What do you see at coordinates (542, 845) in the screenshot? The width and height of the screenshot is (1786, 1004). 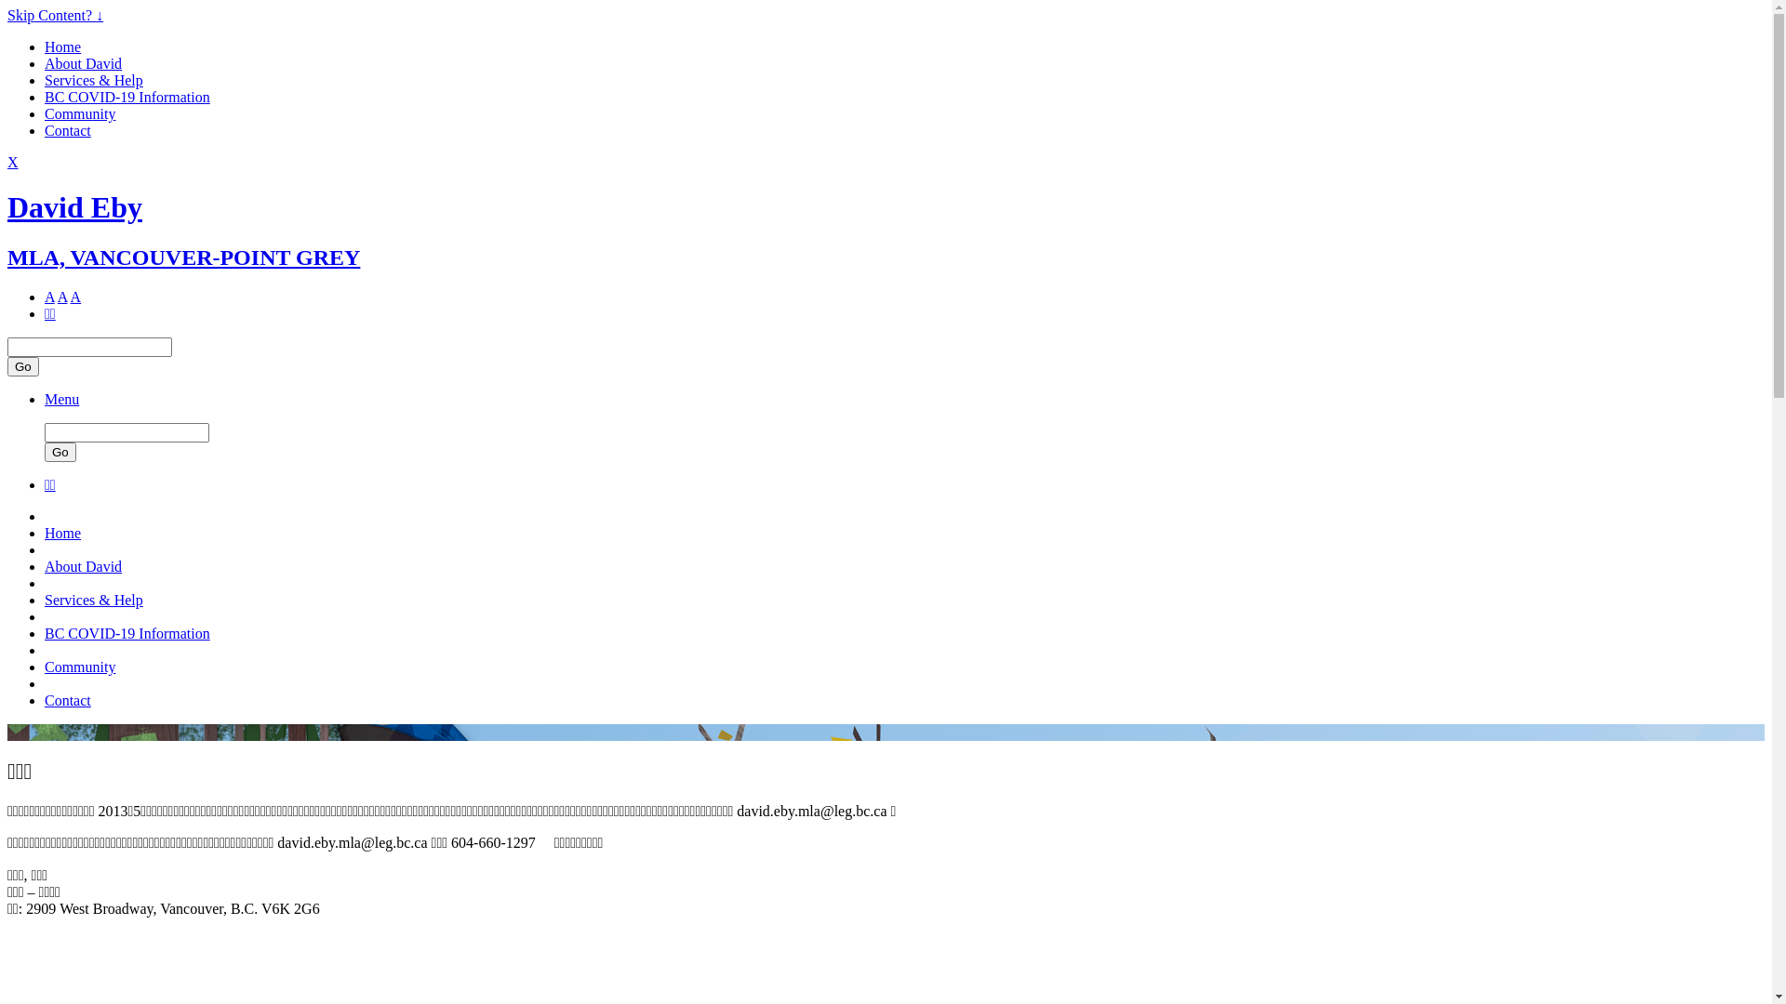 I see `'Call: 604-660-1297'` at bounding box center [542, 845].